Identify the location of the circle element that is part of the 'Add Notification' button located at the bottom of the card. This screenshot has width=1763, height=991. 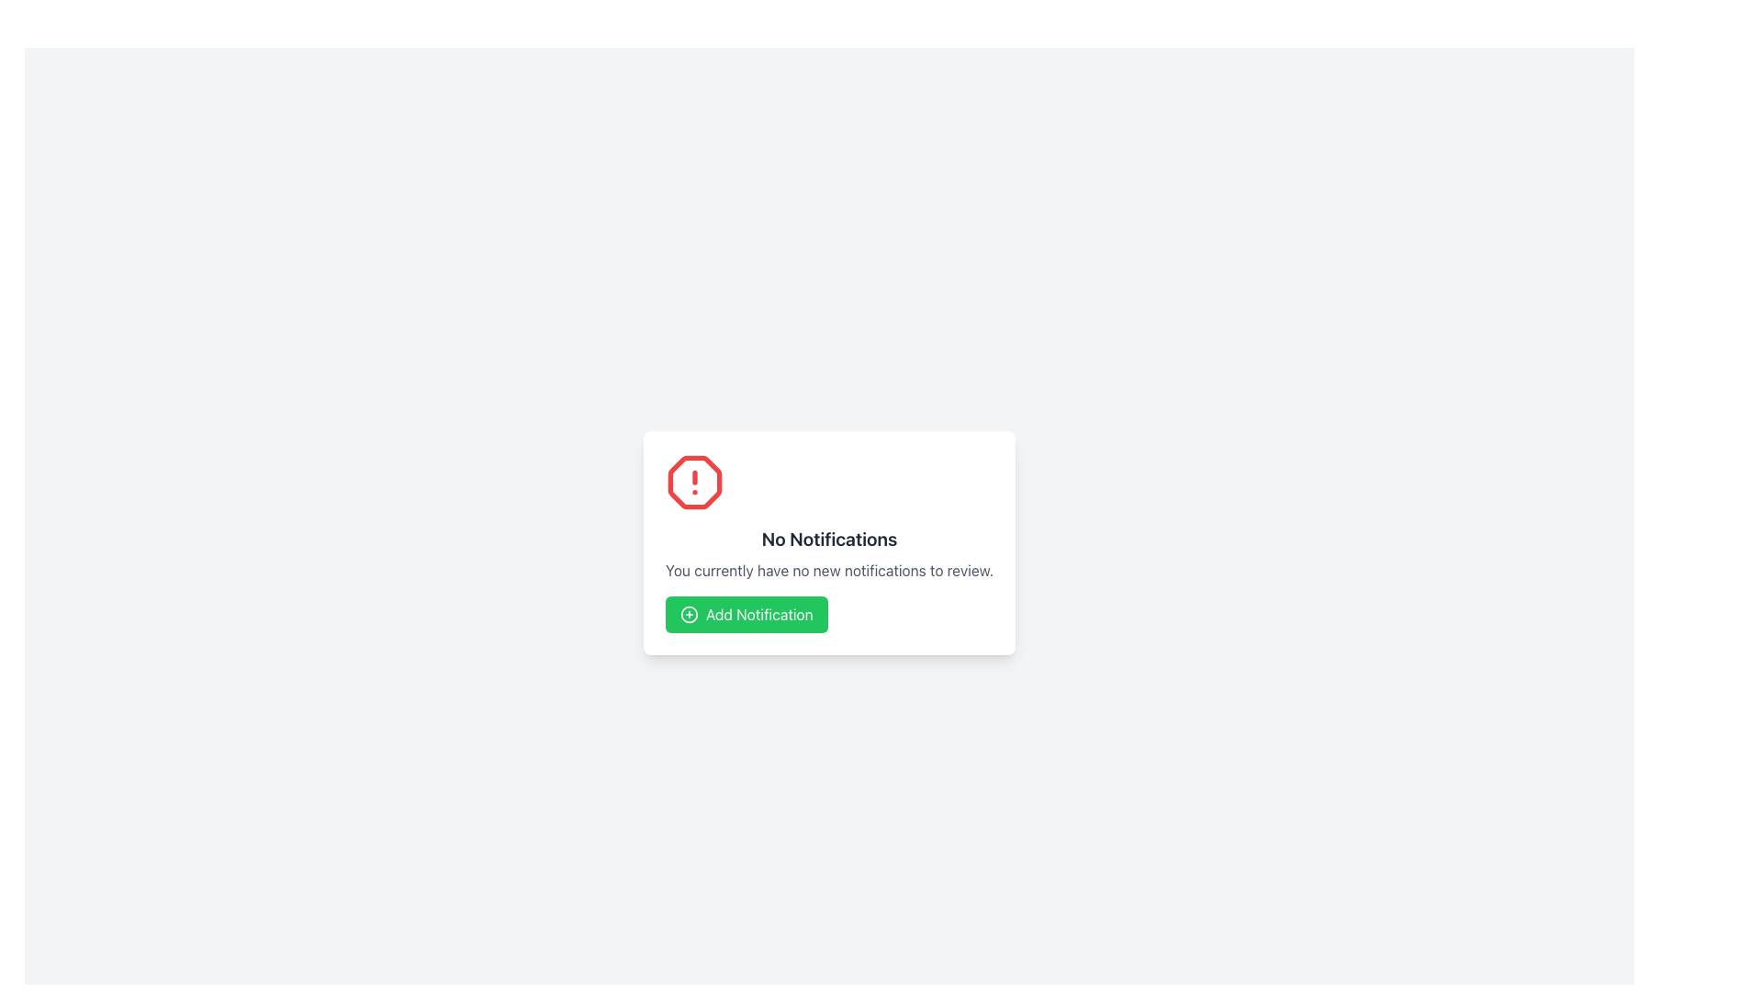
(688, 615).